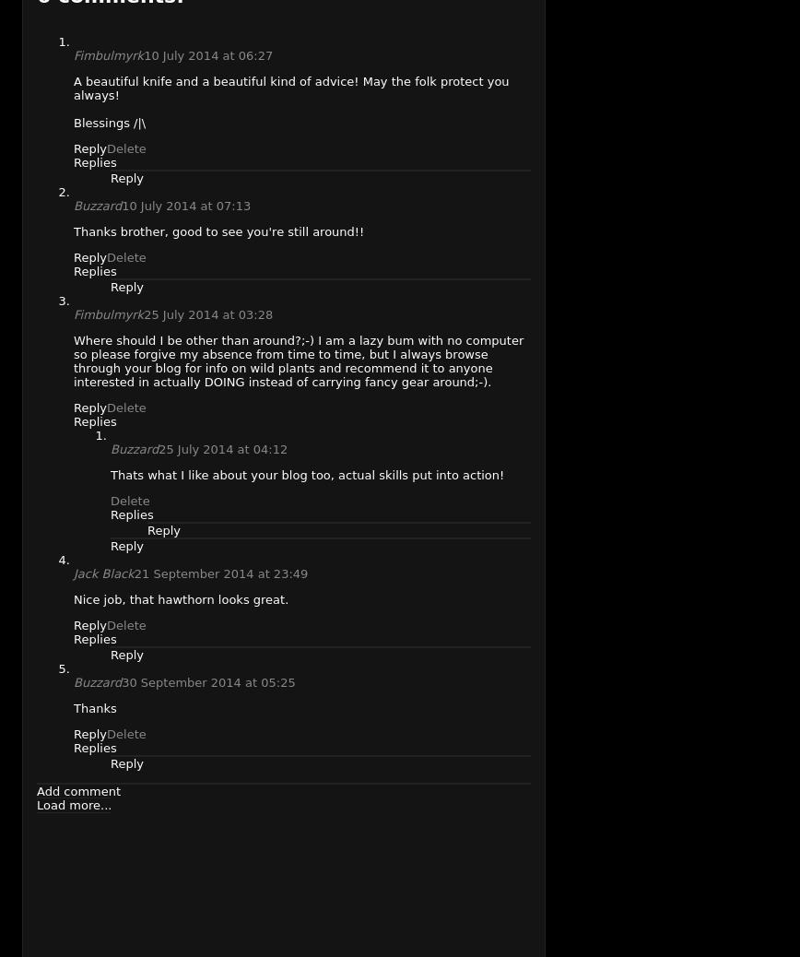  I want to click on 'Load more...', so click(74, 804).